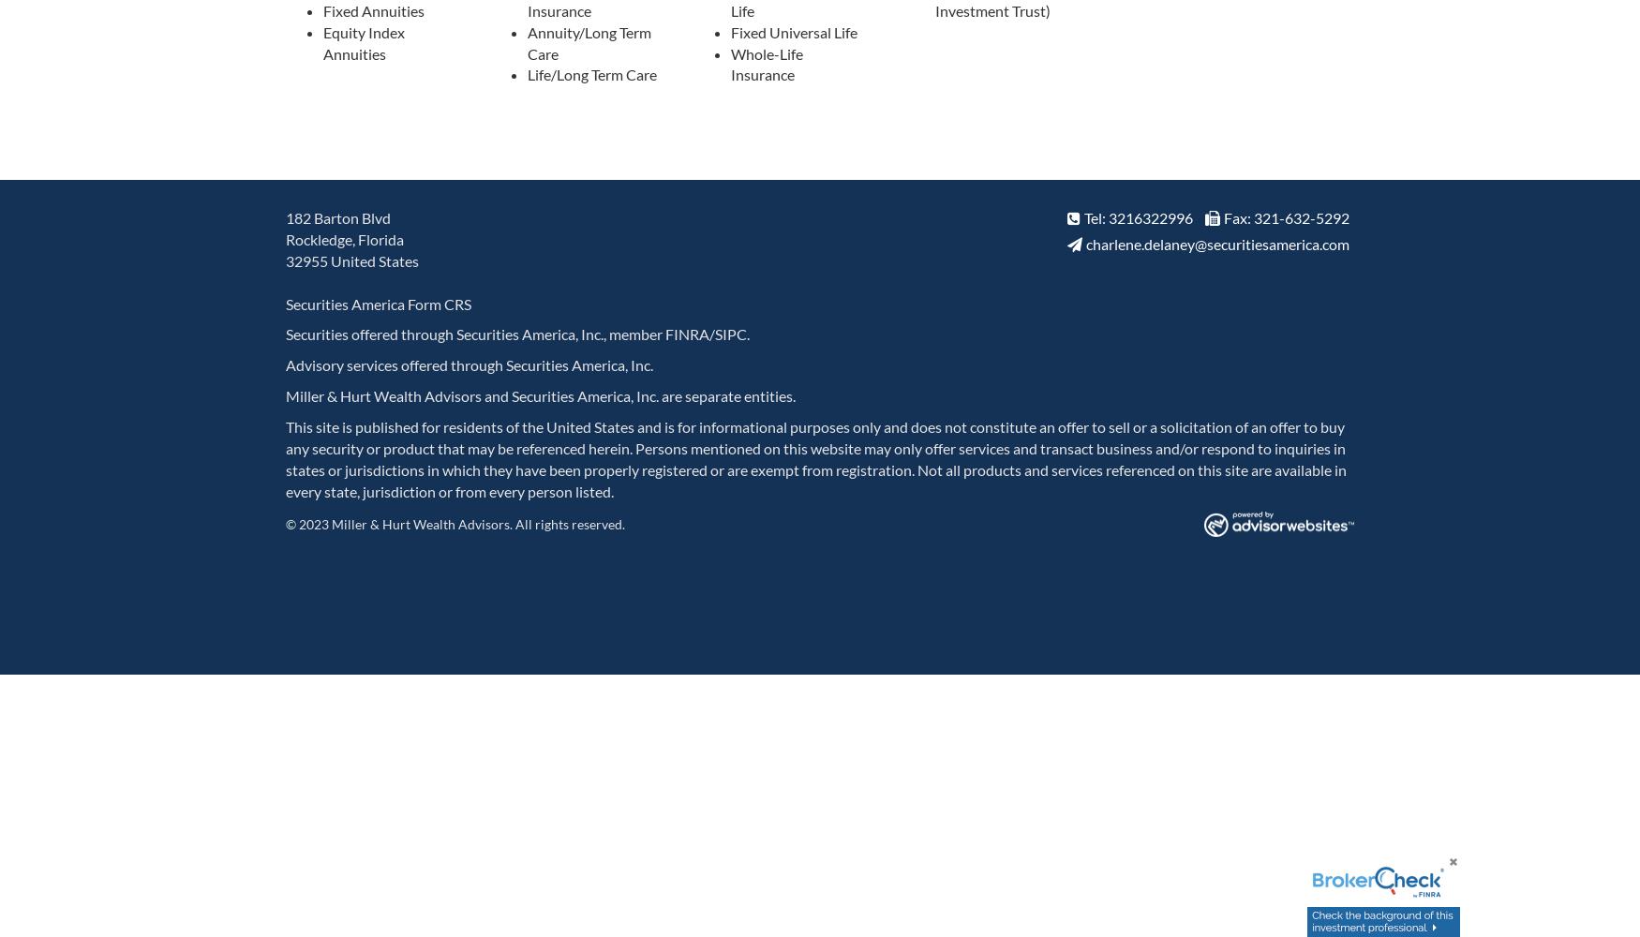 This screenshot has width=1640, height=937. What do you see at coordinates (767, 63) in the screenshot?
I see `'Whole-Life Insurance'` at bounding box center [767, 63].